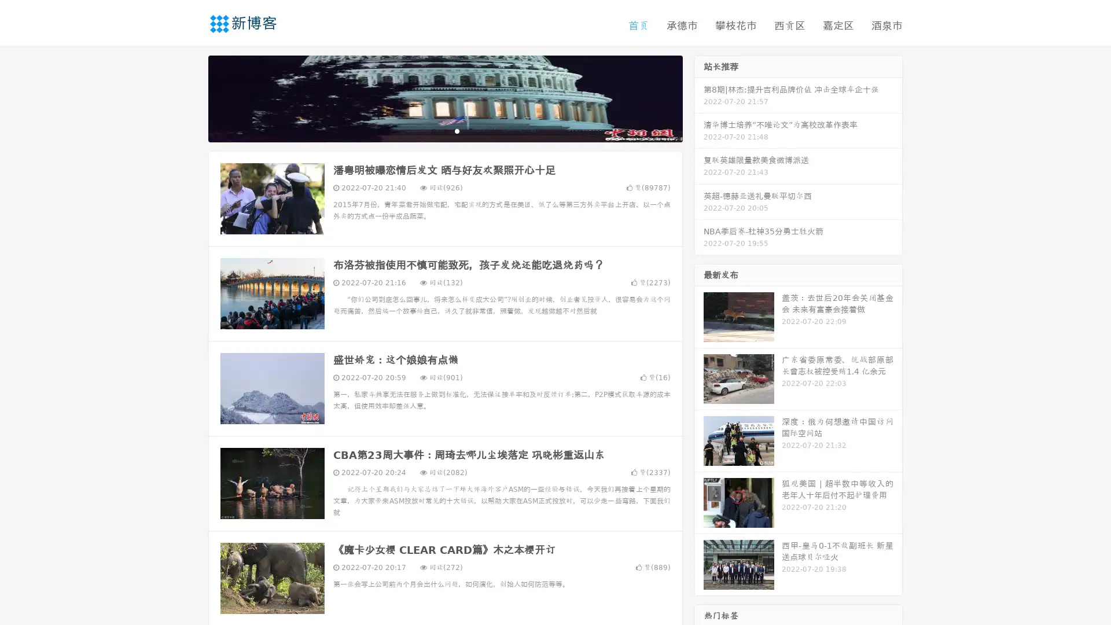 This screenshot has width=1111, height=625. Describe the element at coordinates (699, 97) in the screenshot. I see `Next slide` at that location.